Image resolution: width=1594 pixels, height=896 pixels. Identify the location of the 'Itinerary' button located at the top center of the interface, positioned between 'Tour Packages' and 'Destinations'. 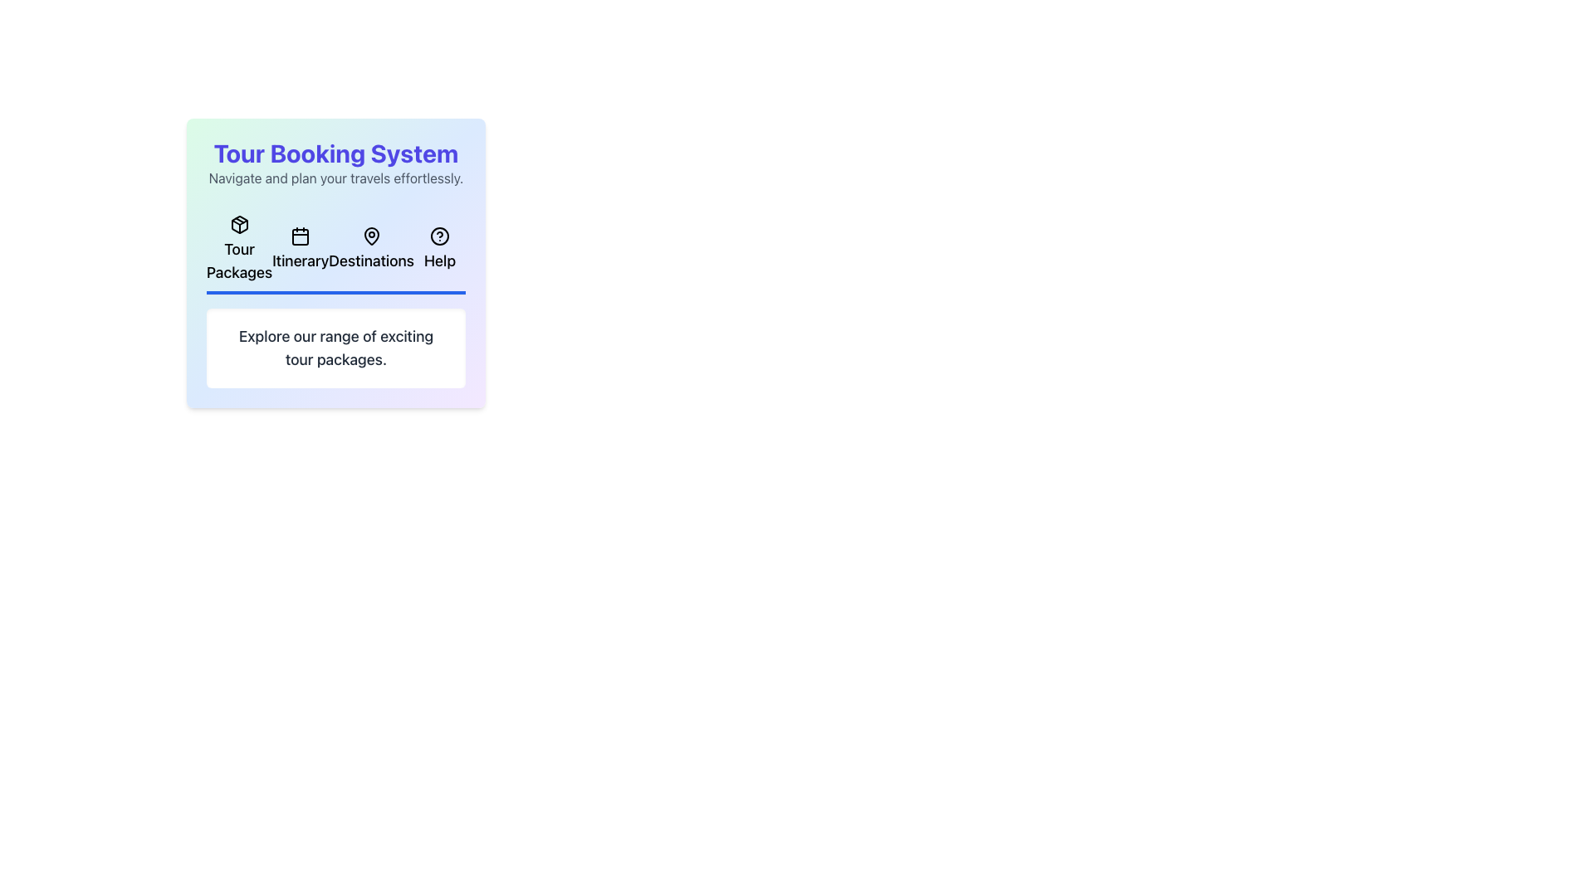
(301, 251).